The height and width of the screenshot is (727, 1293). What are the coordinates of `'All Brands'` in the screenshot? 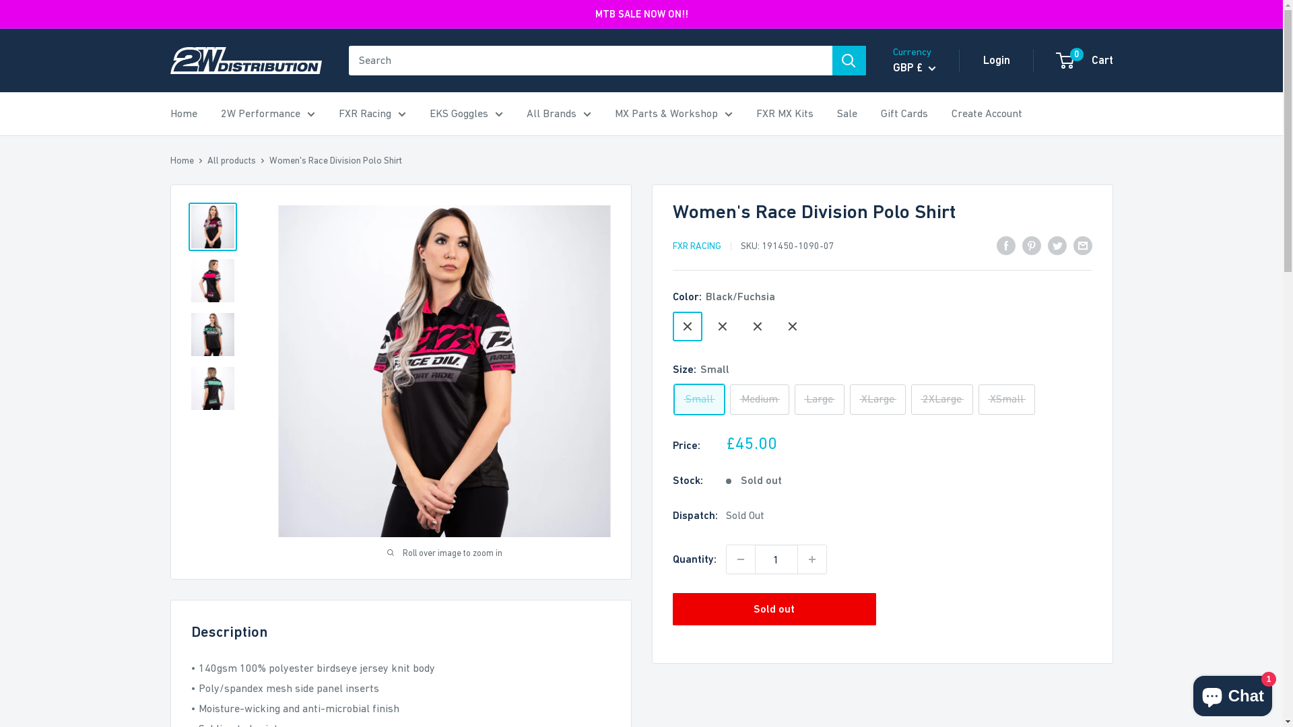 It's located at (559, 113).